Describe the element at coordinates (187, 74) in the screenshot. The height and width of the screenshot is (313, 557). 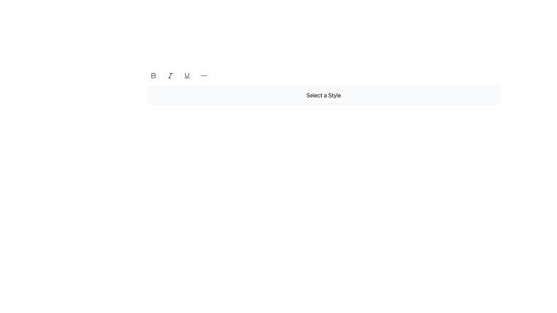
I see `the underline icon located in the inline text formatting toolbar` at that location.